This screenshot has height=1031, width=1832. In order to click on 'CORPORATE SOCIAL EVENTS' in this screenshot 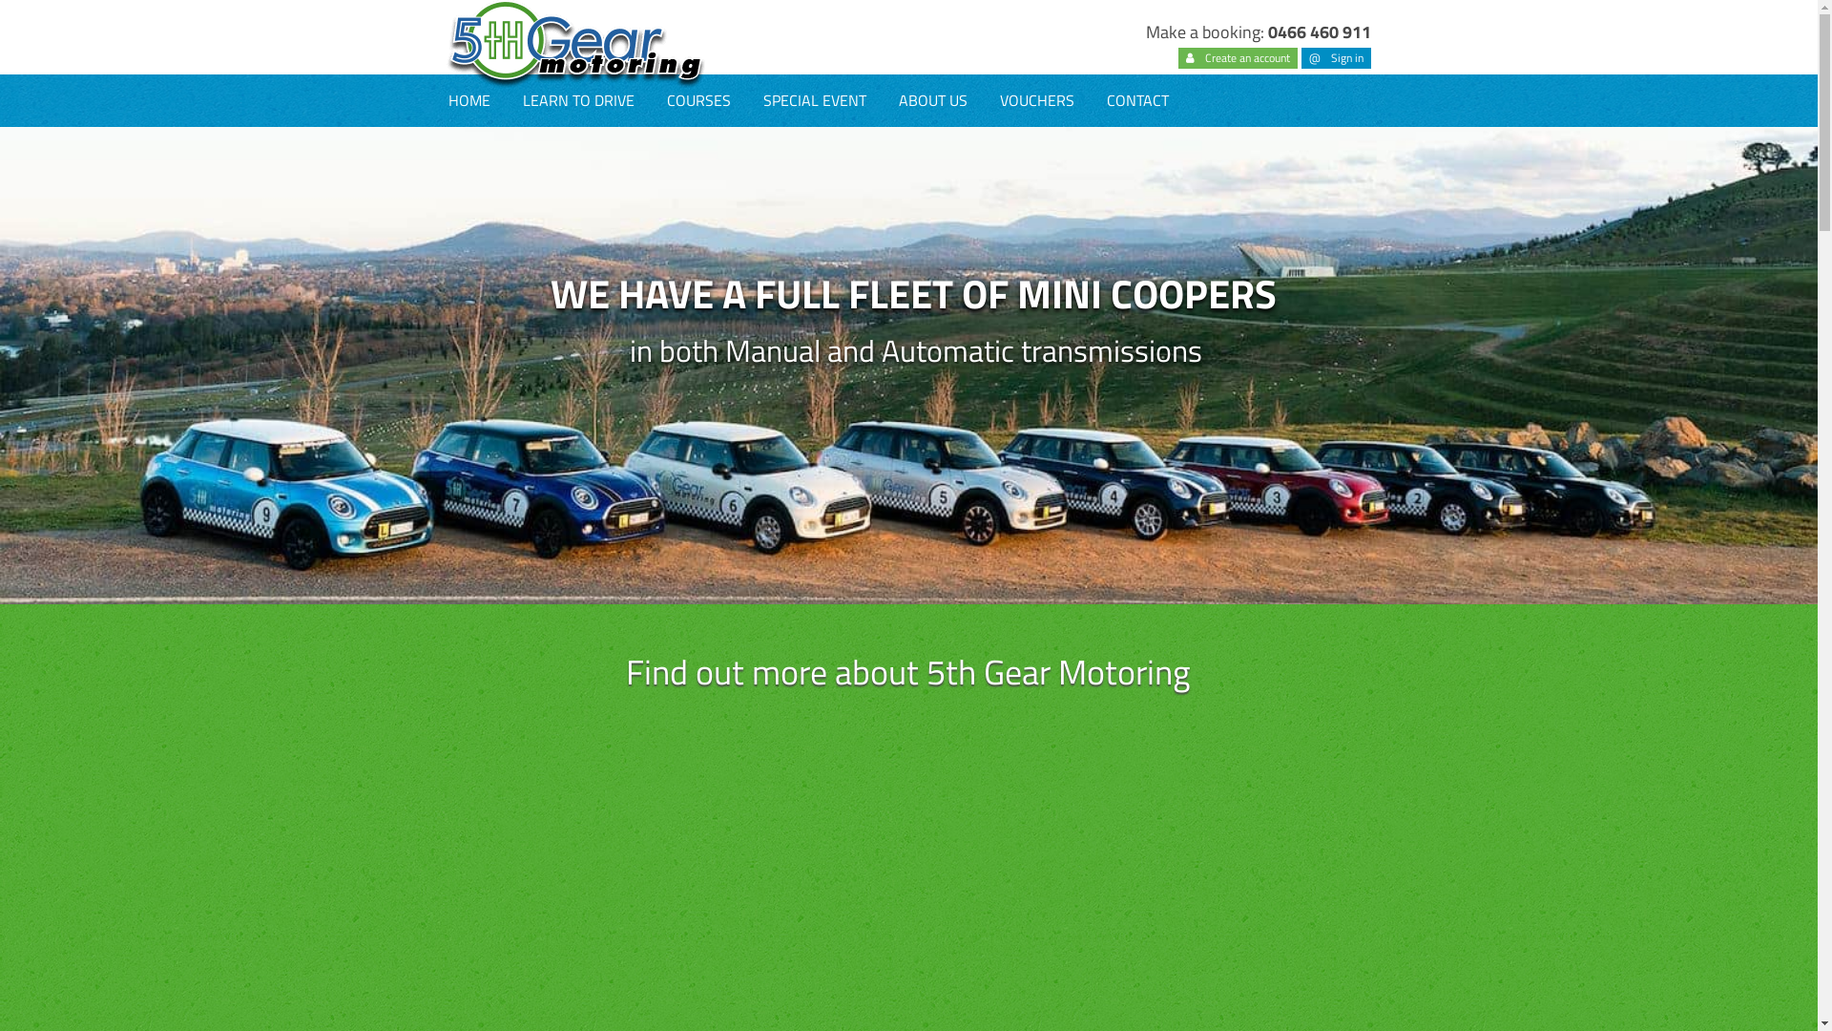, I will do `click(814, 152)`.